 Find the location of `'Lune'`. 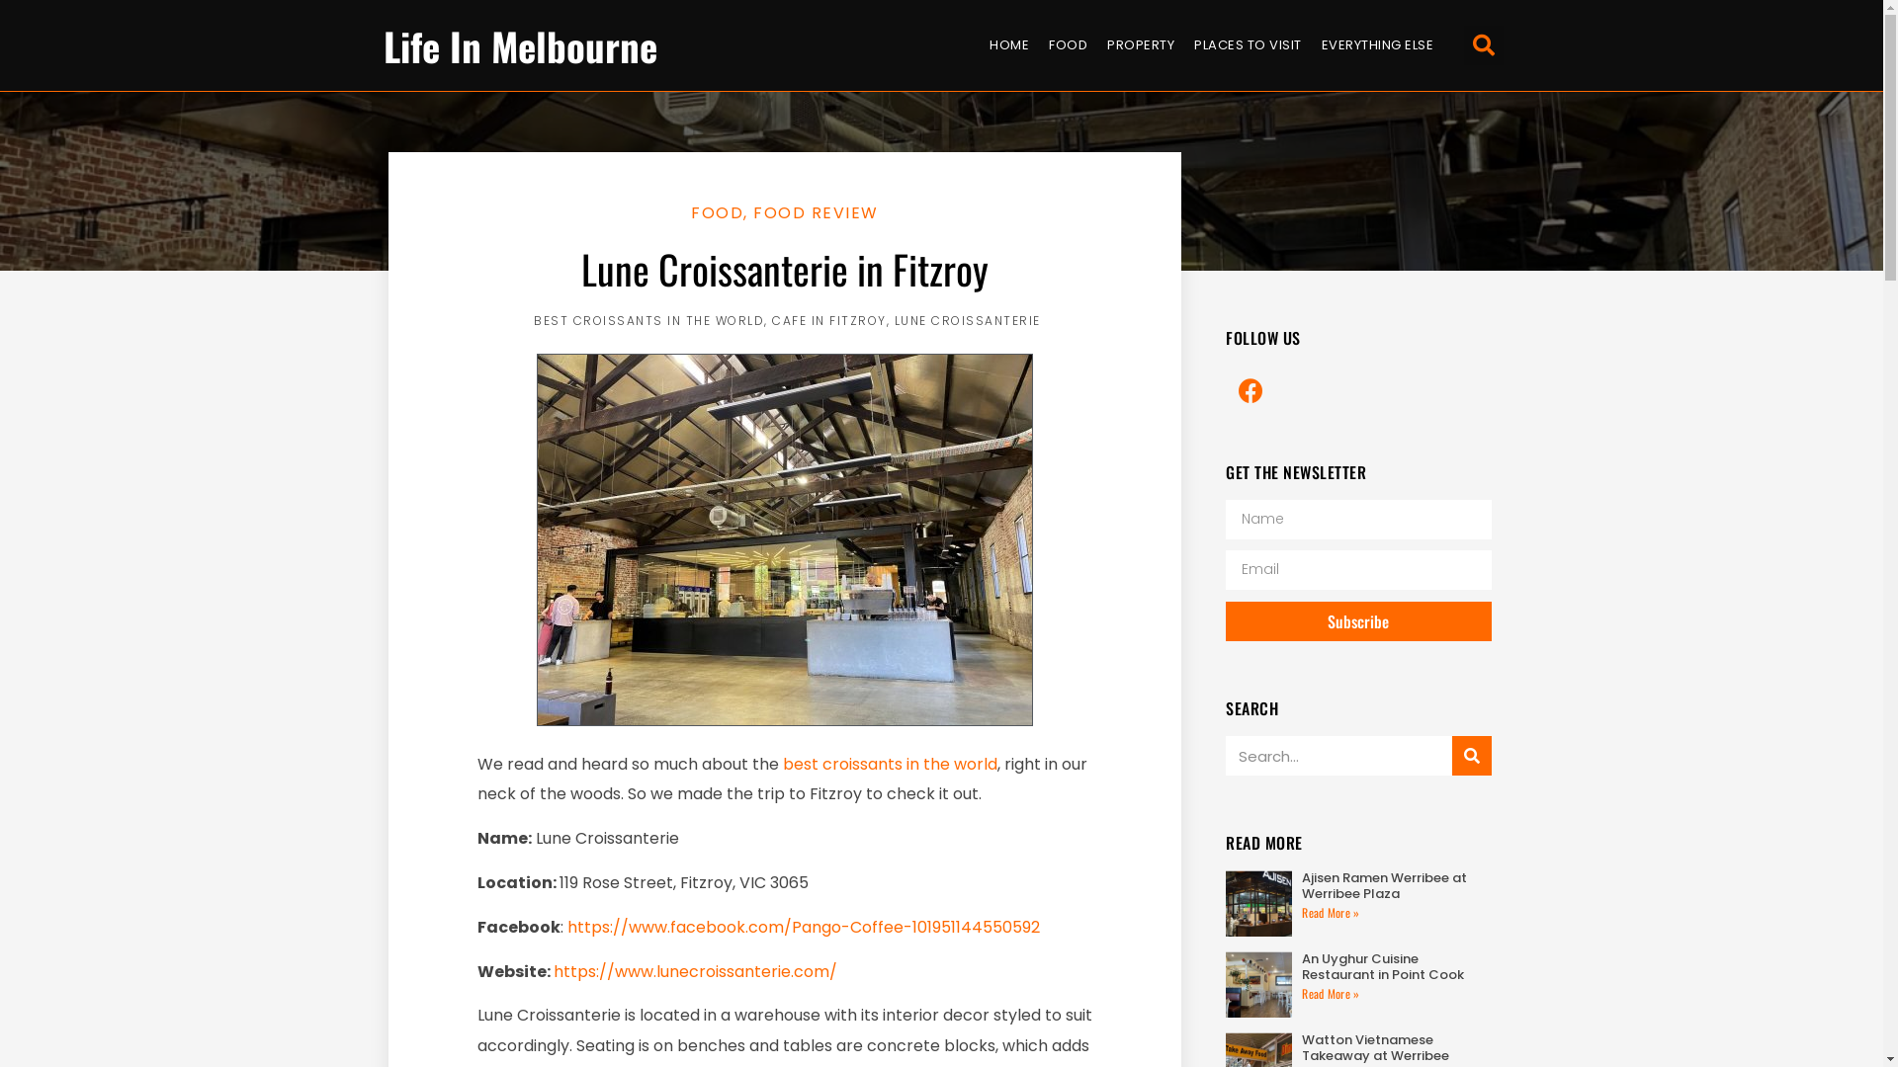

'Lune' is located at coordinates (783, 539).